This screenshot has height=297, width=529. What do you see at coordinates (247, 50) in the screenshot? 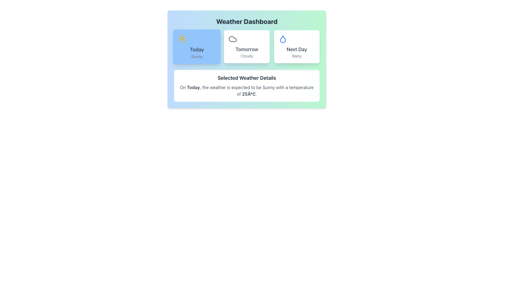
I see `the text label displaying 'Tomorrow' in dark gray, located in the middle section of the horizontal navigation bar` at bounding box center [247, 50].